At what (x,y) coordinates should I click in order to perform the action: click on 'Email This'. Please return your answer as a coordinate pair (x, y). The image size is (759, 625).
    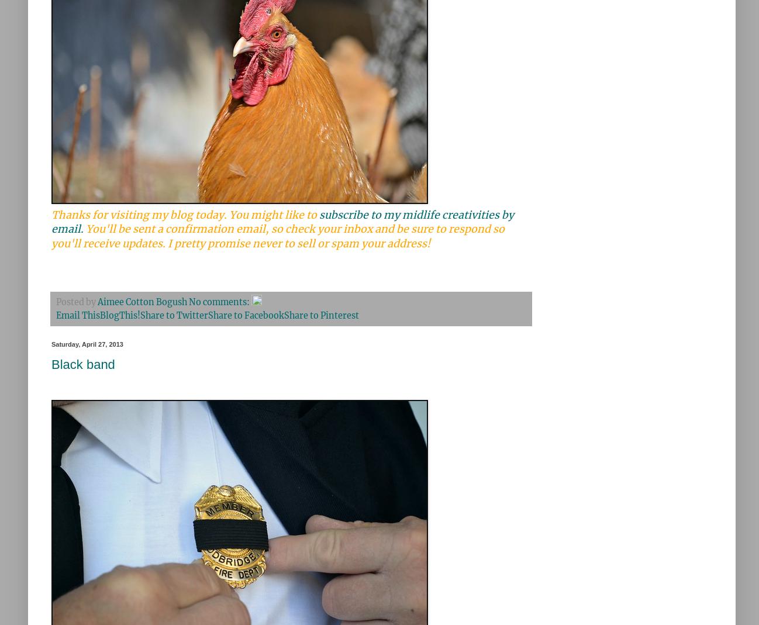
    Looking at the image, I should click on (56, 315).